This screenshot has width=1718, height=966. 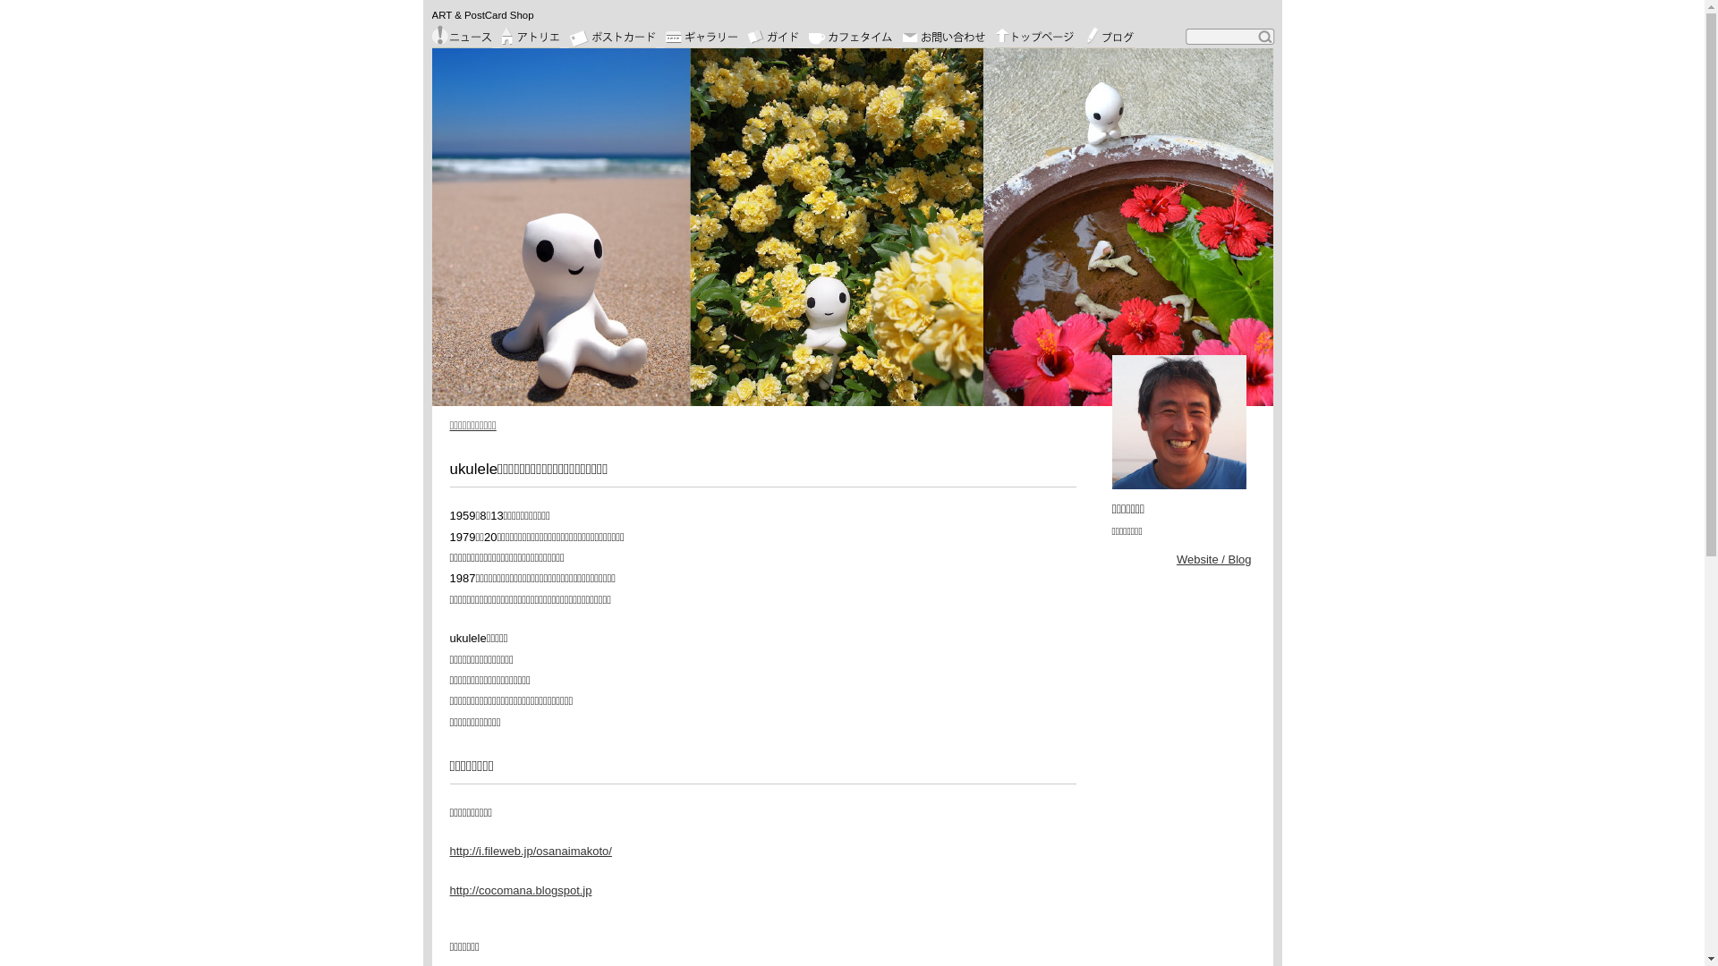 What do you see at coordinates (529, 850) in the screenshot?
I see `'http://i.fileweb.jp/osanaimakoto/'` at bounding box center [529, 850].